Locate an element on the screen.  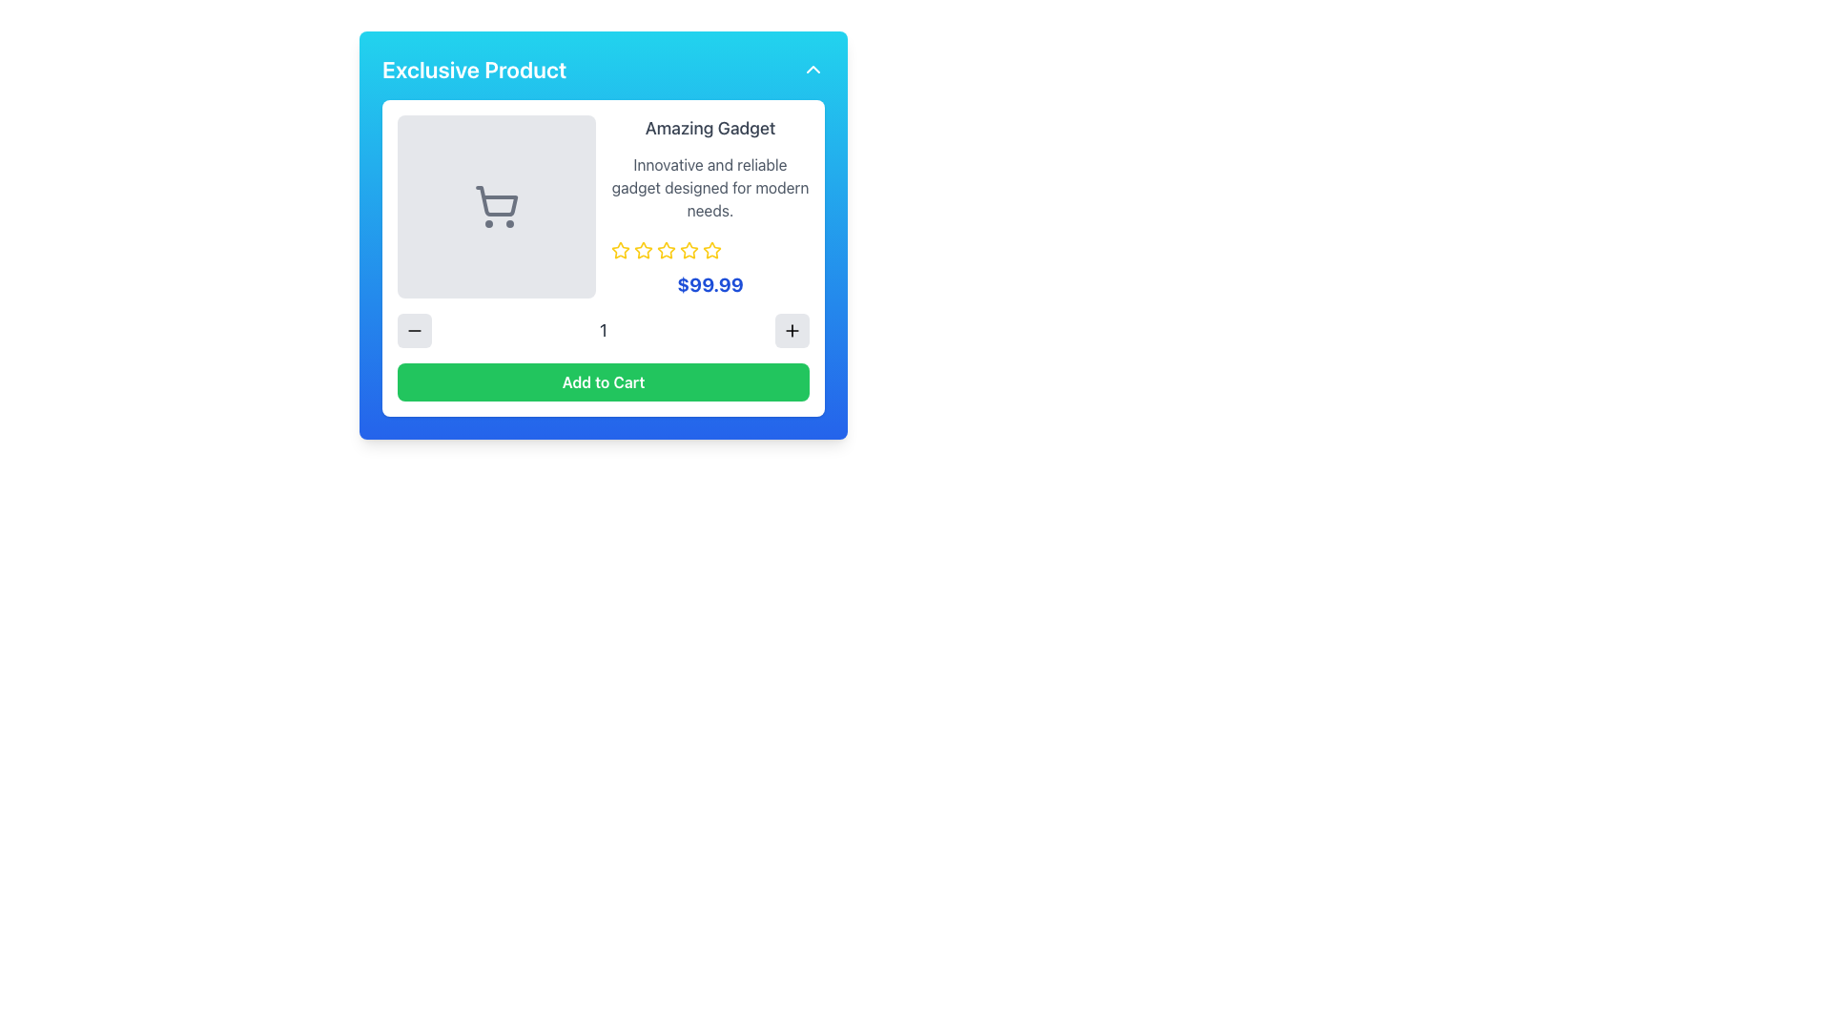
the small upward-facing chevron button located in the top-right corner of the card section is located at coordinates (813, 69).